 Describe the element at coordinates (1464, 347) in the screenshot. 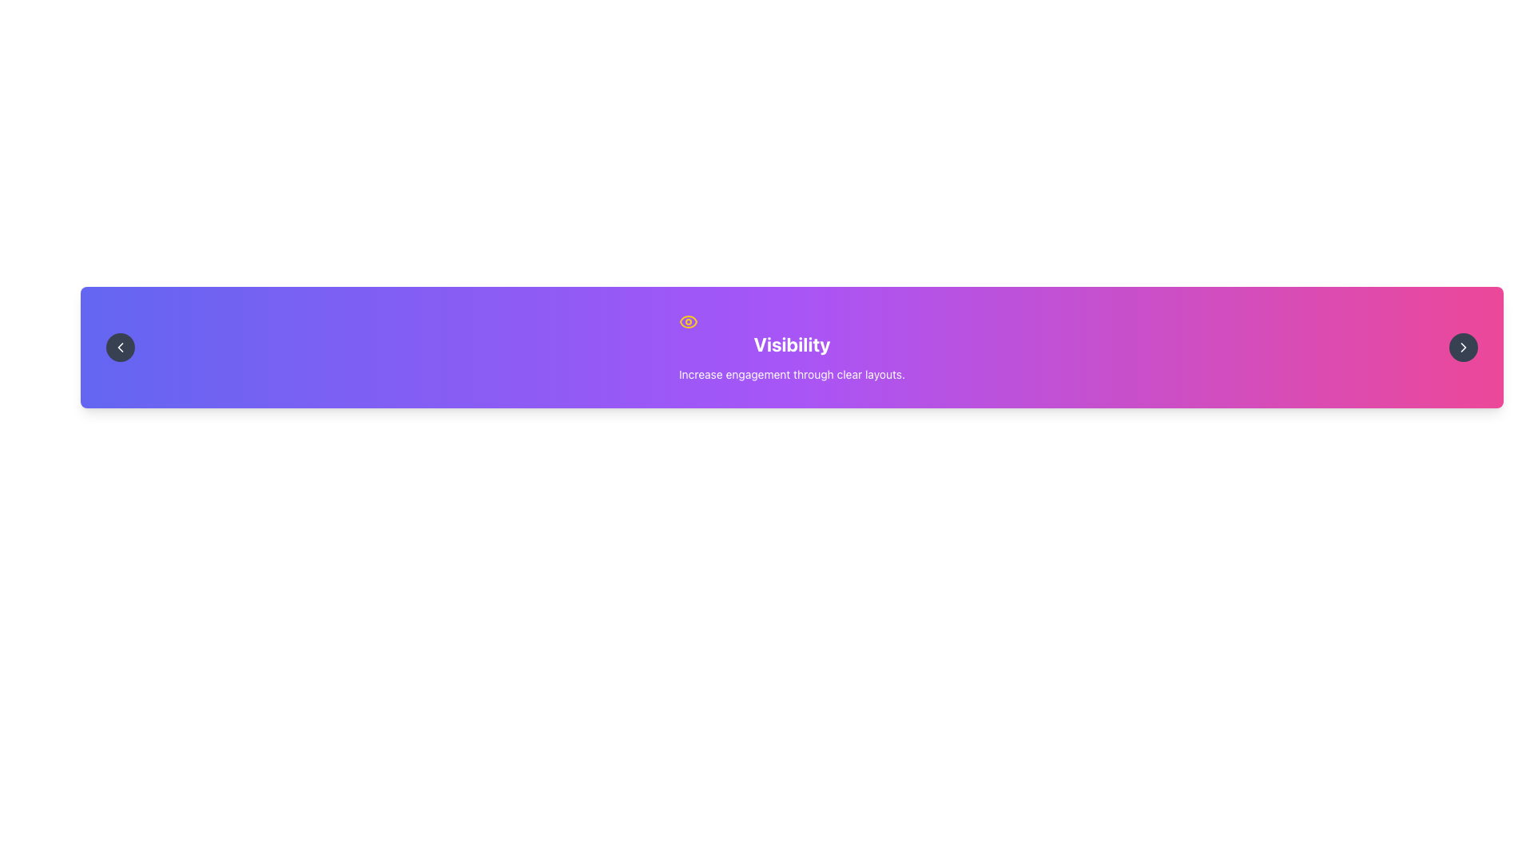

I see `the small, right-pointing chevron icon with a white stroke located inside the circular button in the top-right corner of the gradient-colored banner` at that location.